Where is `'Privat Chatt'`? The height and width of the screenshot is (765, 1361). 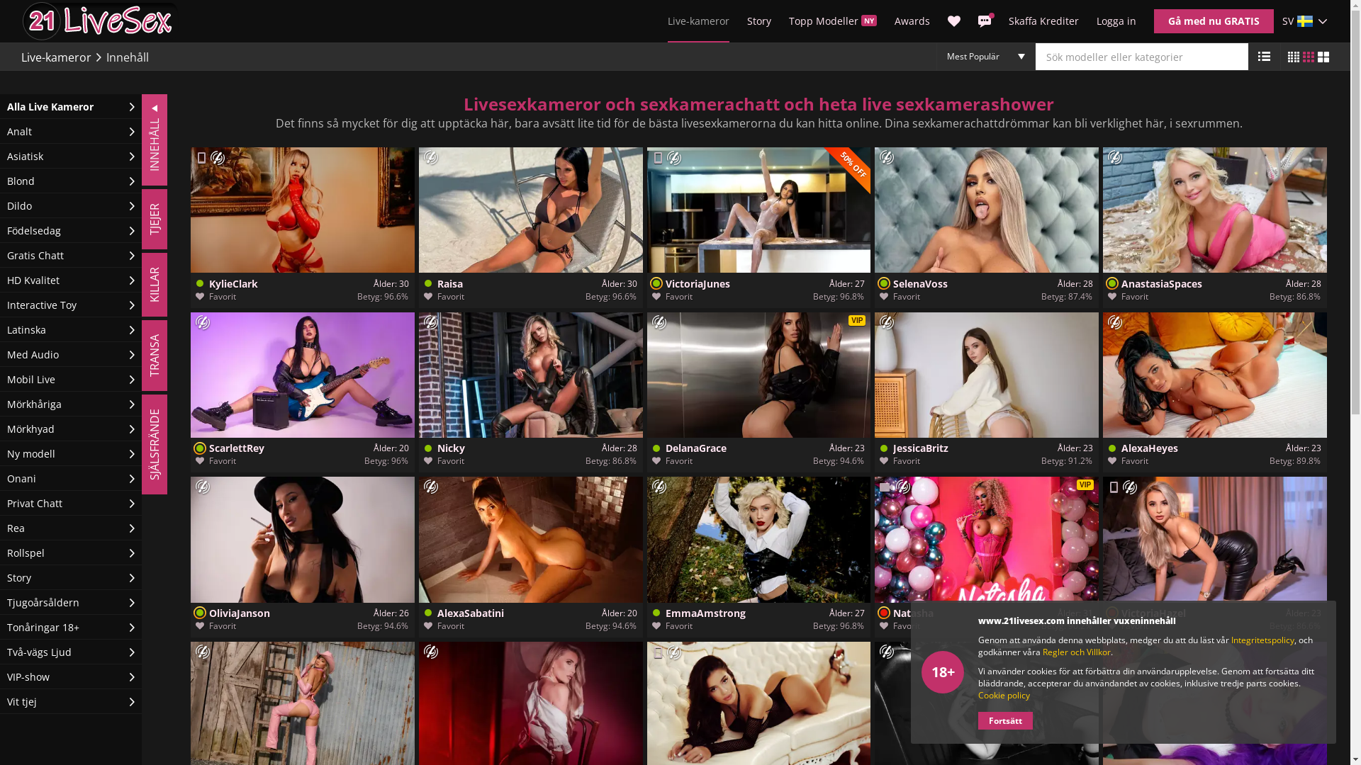 'Privat Chatt' is located at coordinates (70, 502).